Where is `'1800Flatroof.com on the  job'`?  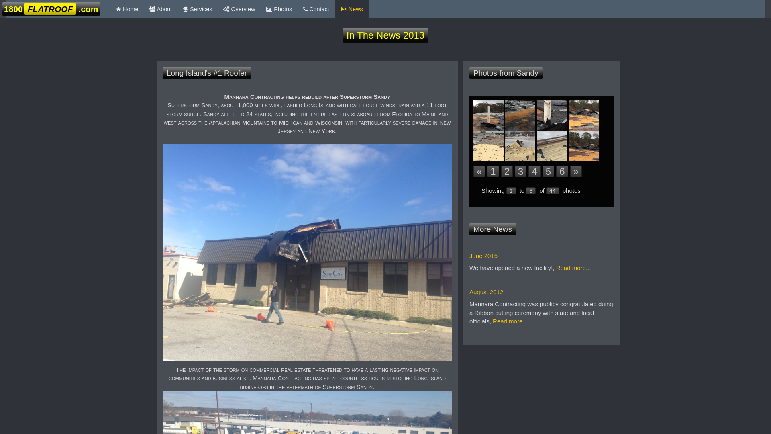
'1800Flatroof.com on the  job' is located at coordinates (489, 115).